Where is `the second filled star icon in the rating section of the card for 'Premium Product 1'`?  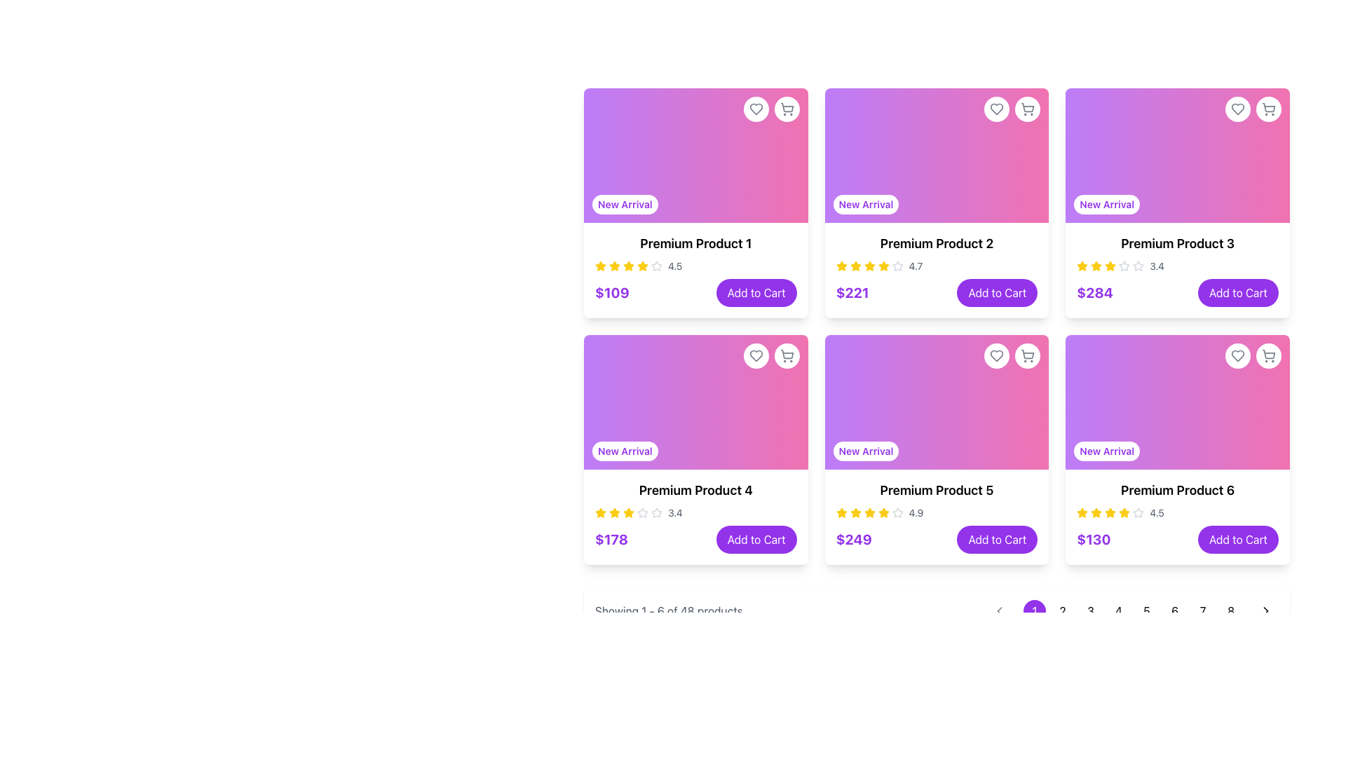 the second filled star icon in the rating section of the card for 'Premium Product 1' is located at coordinates (628, 266).